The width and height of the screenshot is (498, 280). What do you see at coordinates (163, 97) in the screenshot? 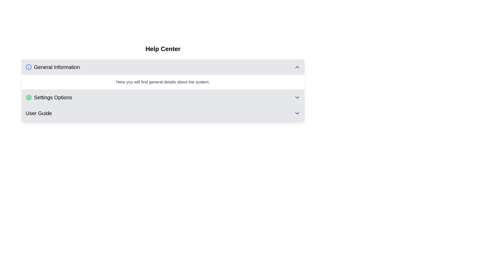
I see `the second entry in the 'Help Center' list` at bounding box center [163, 97].